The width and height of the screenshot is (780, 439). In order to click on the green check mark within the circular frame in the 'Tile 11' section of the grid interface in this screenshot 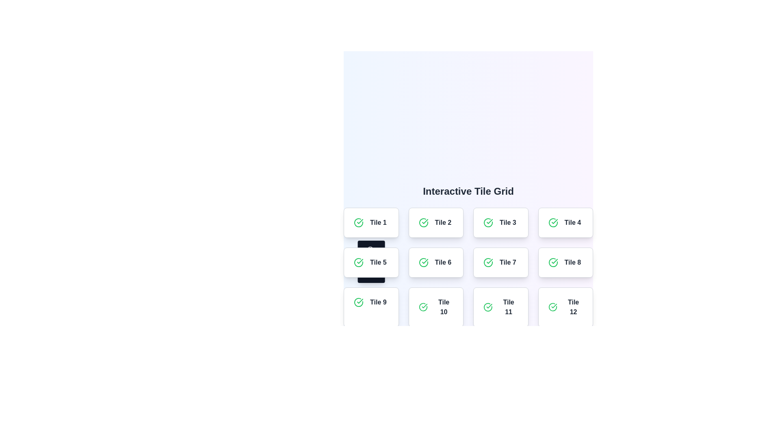, I will do `click(489, 306)`.